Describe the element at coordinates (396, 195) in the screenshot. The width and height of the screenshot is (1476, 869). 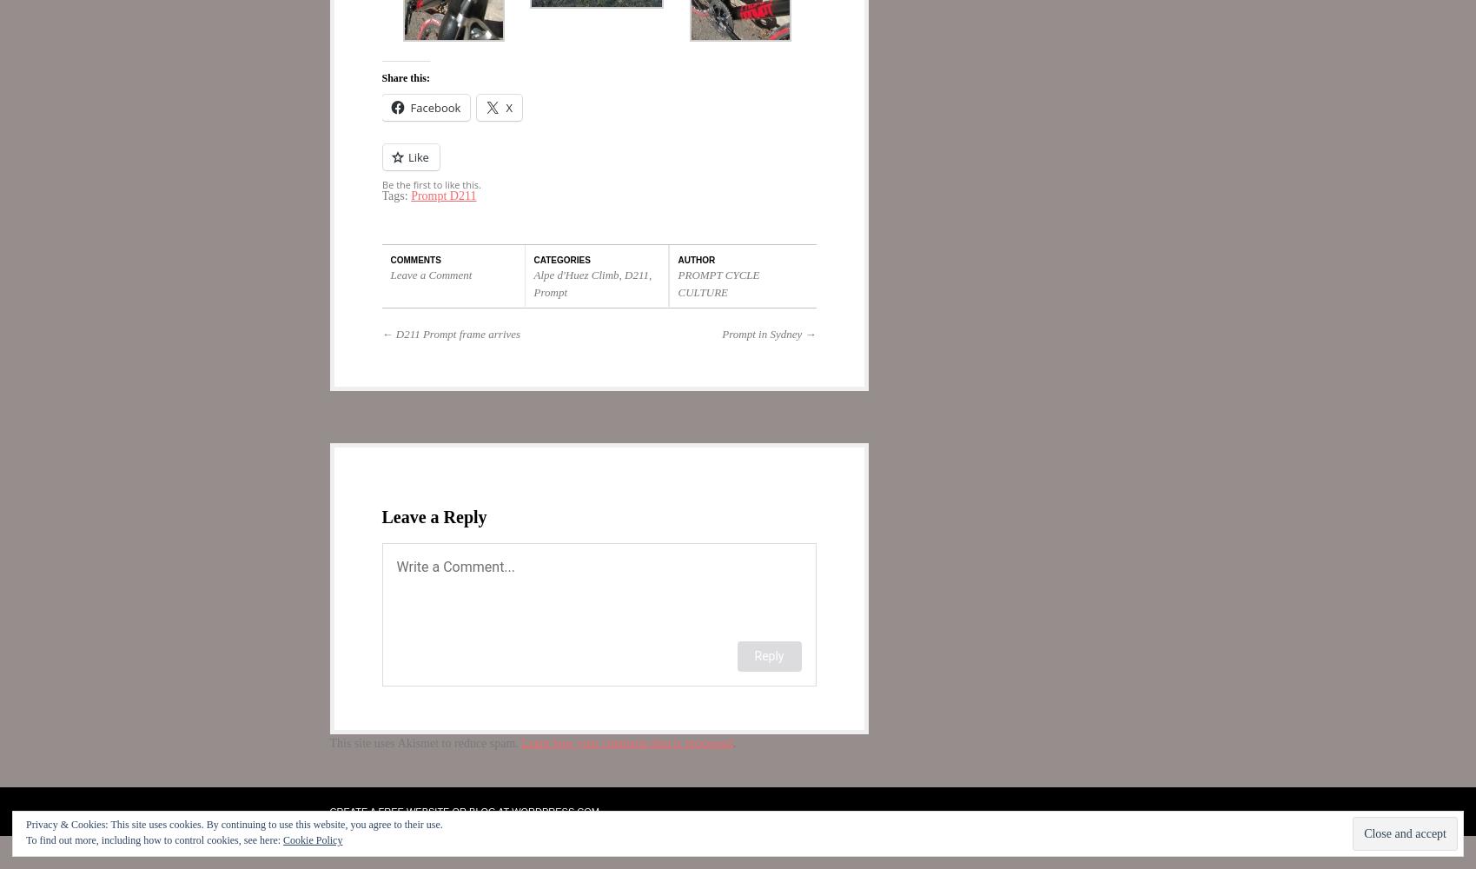
I see `'Tags:'` at that location.